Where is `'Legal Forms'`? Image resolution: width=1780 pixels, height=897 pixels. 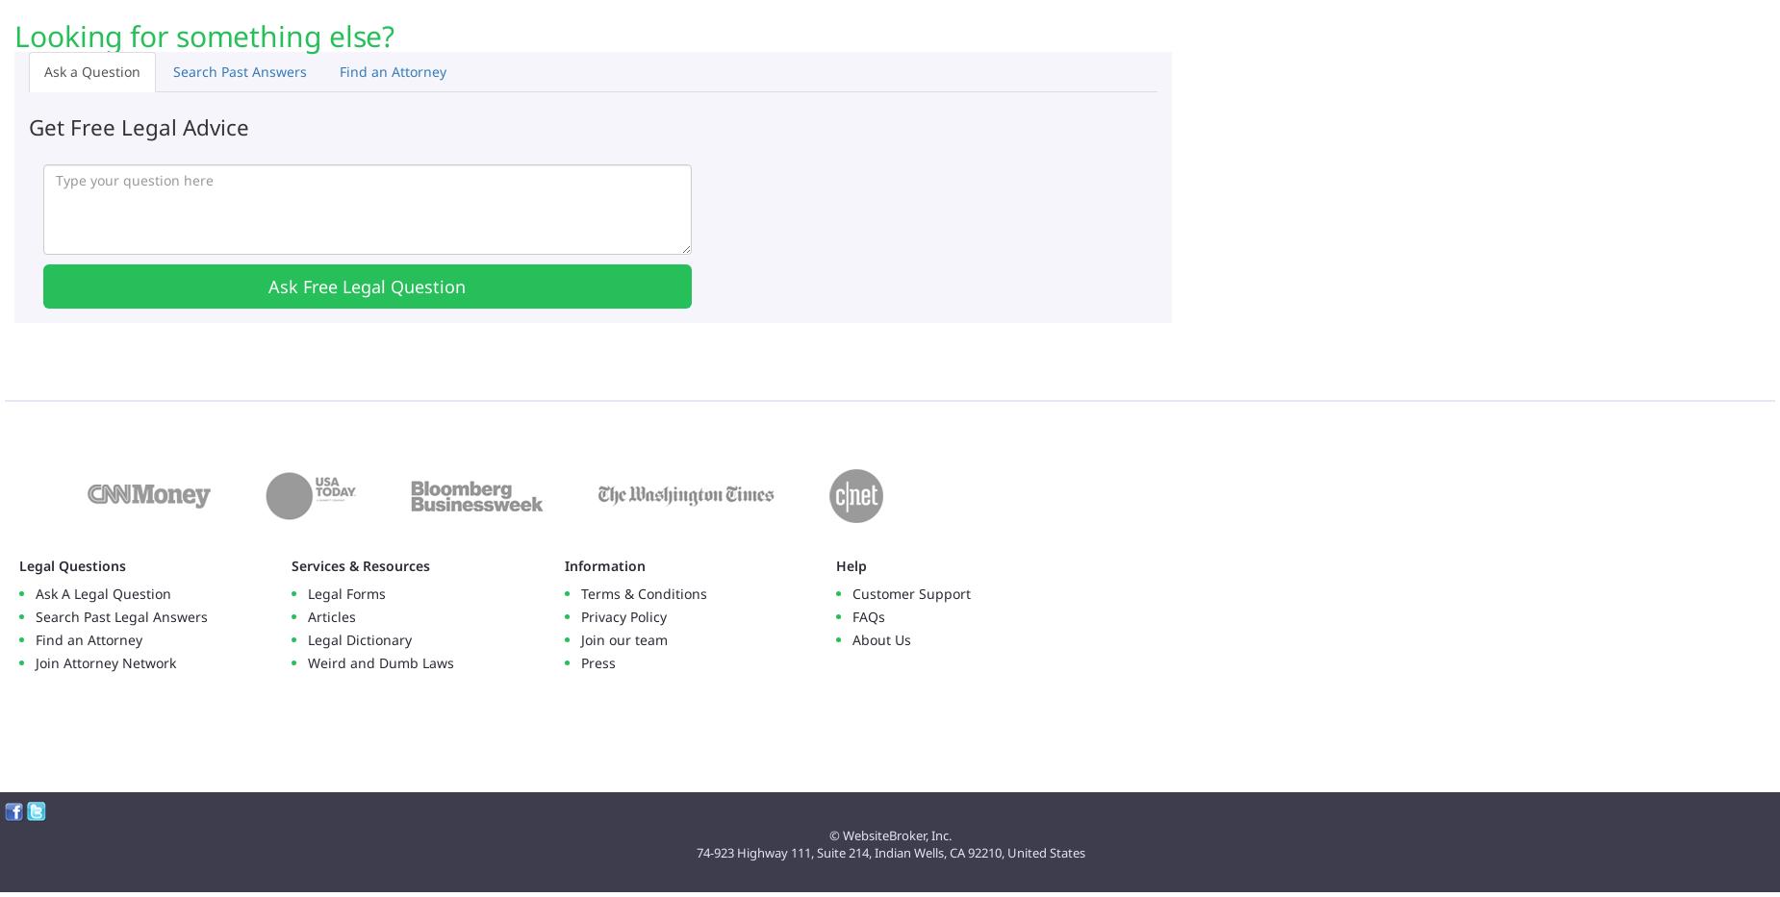
'Legal Forms' is located at coordinates (345, 593).